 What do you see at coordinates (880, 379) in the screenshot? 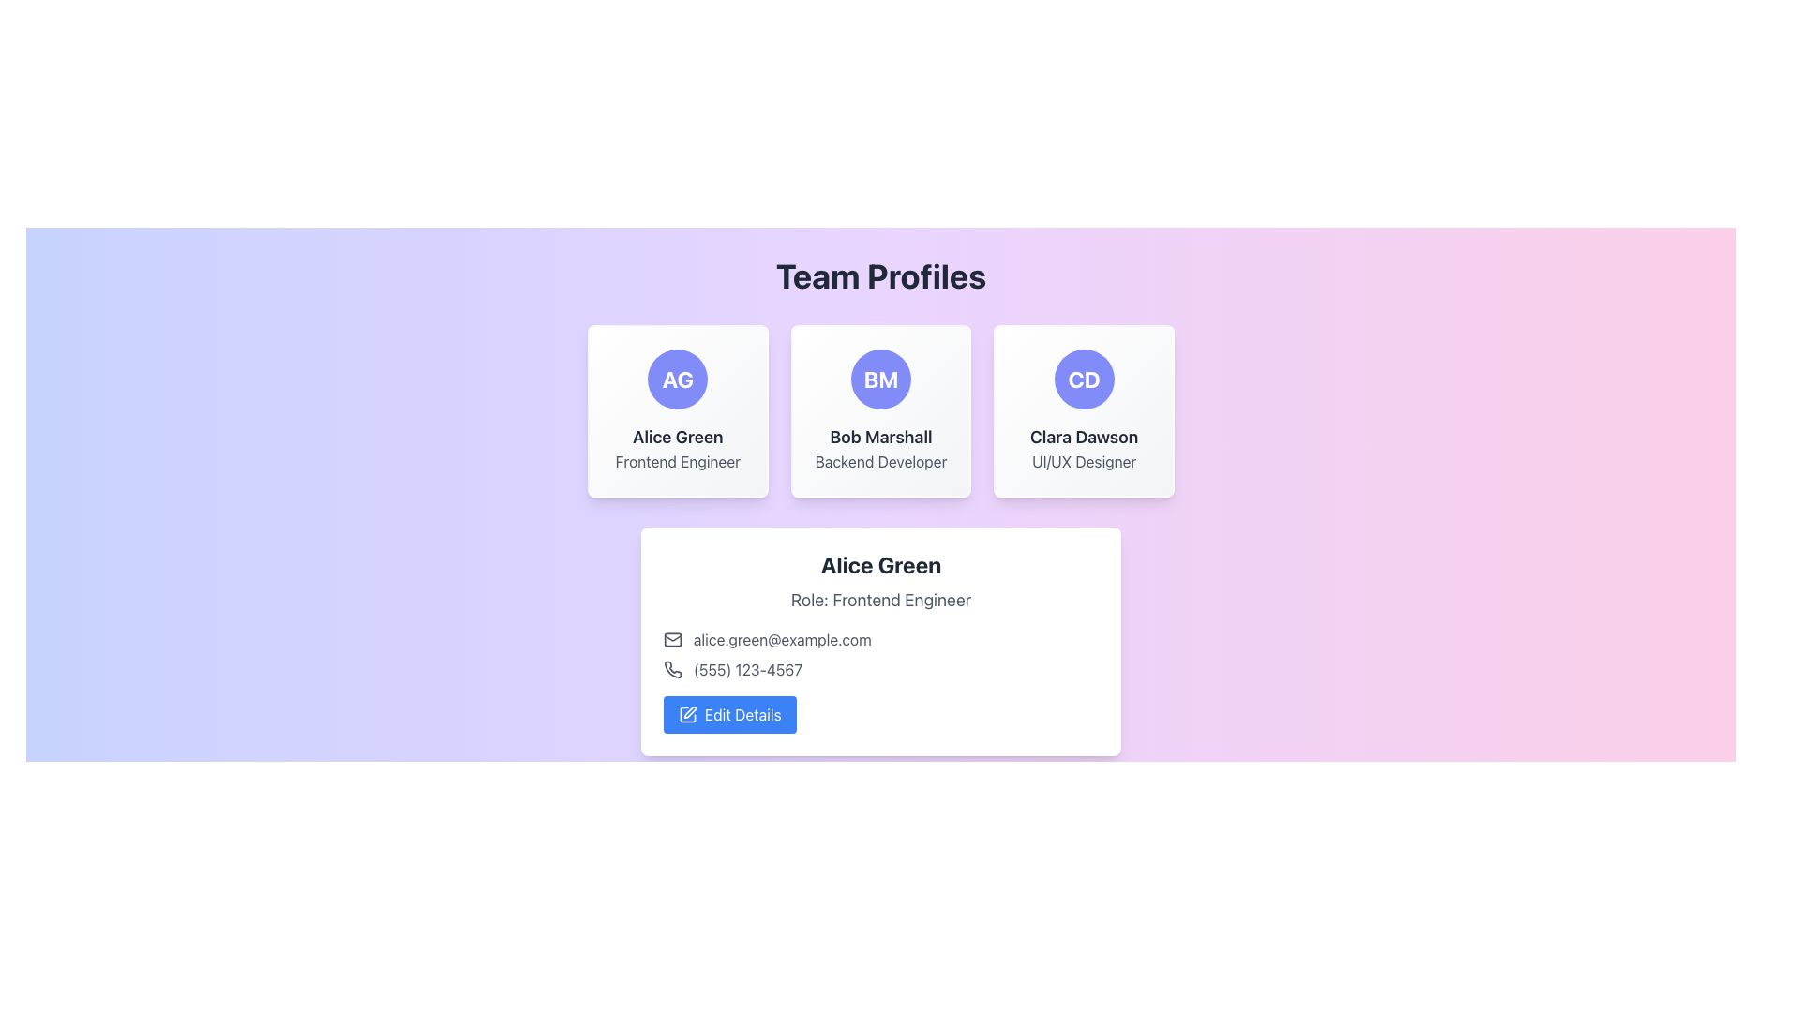
I see `the circular badge with light indigo background containing bold white text 'BM', located in the middle profile card of the 'Team Profiles' section, directly above 'Bob Marshall', the 'Backend Developer'` at bounding box center [880, 379].